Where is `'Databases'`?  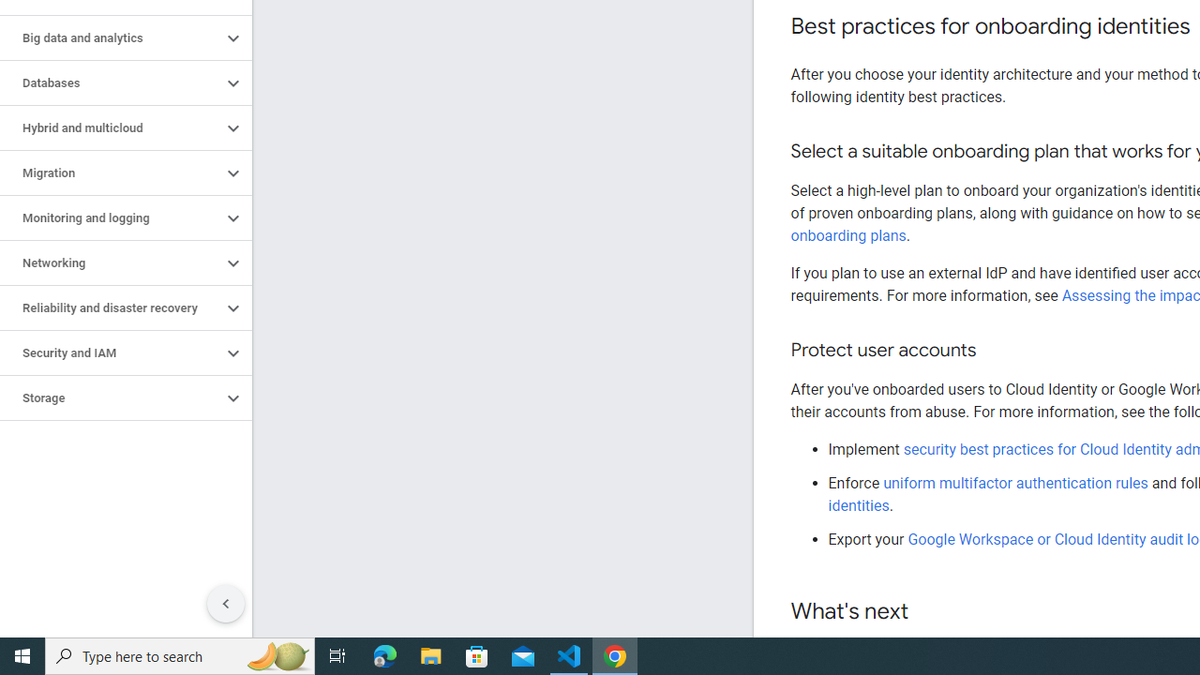
'Databases' is located at coordinates (110, 82).